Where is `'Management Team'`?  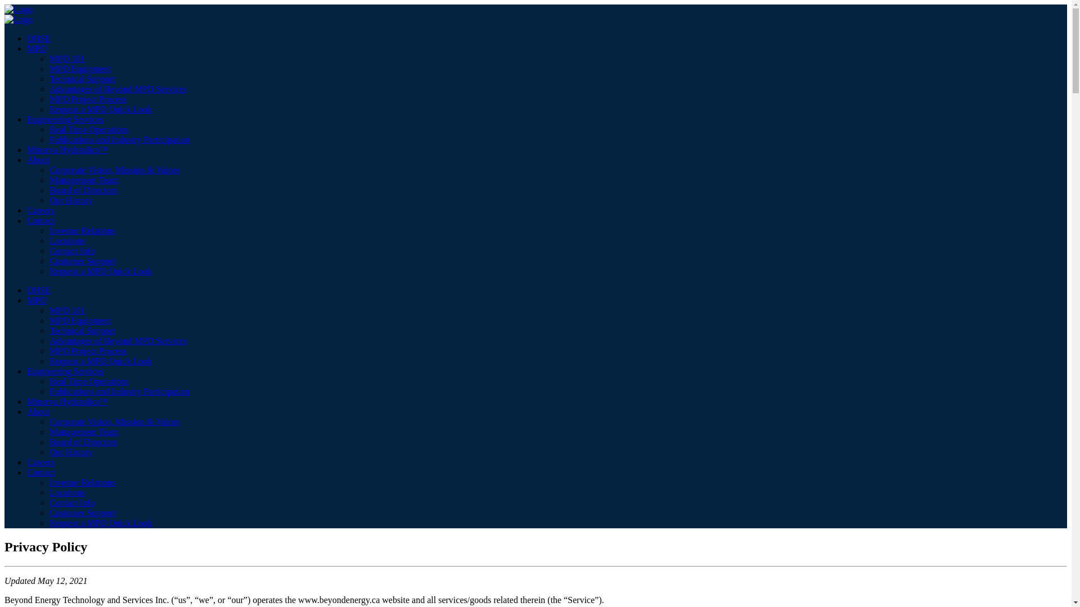
'Management Team' is located at coordinates (83, 431).